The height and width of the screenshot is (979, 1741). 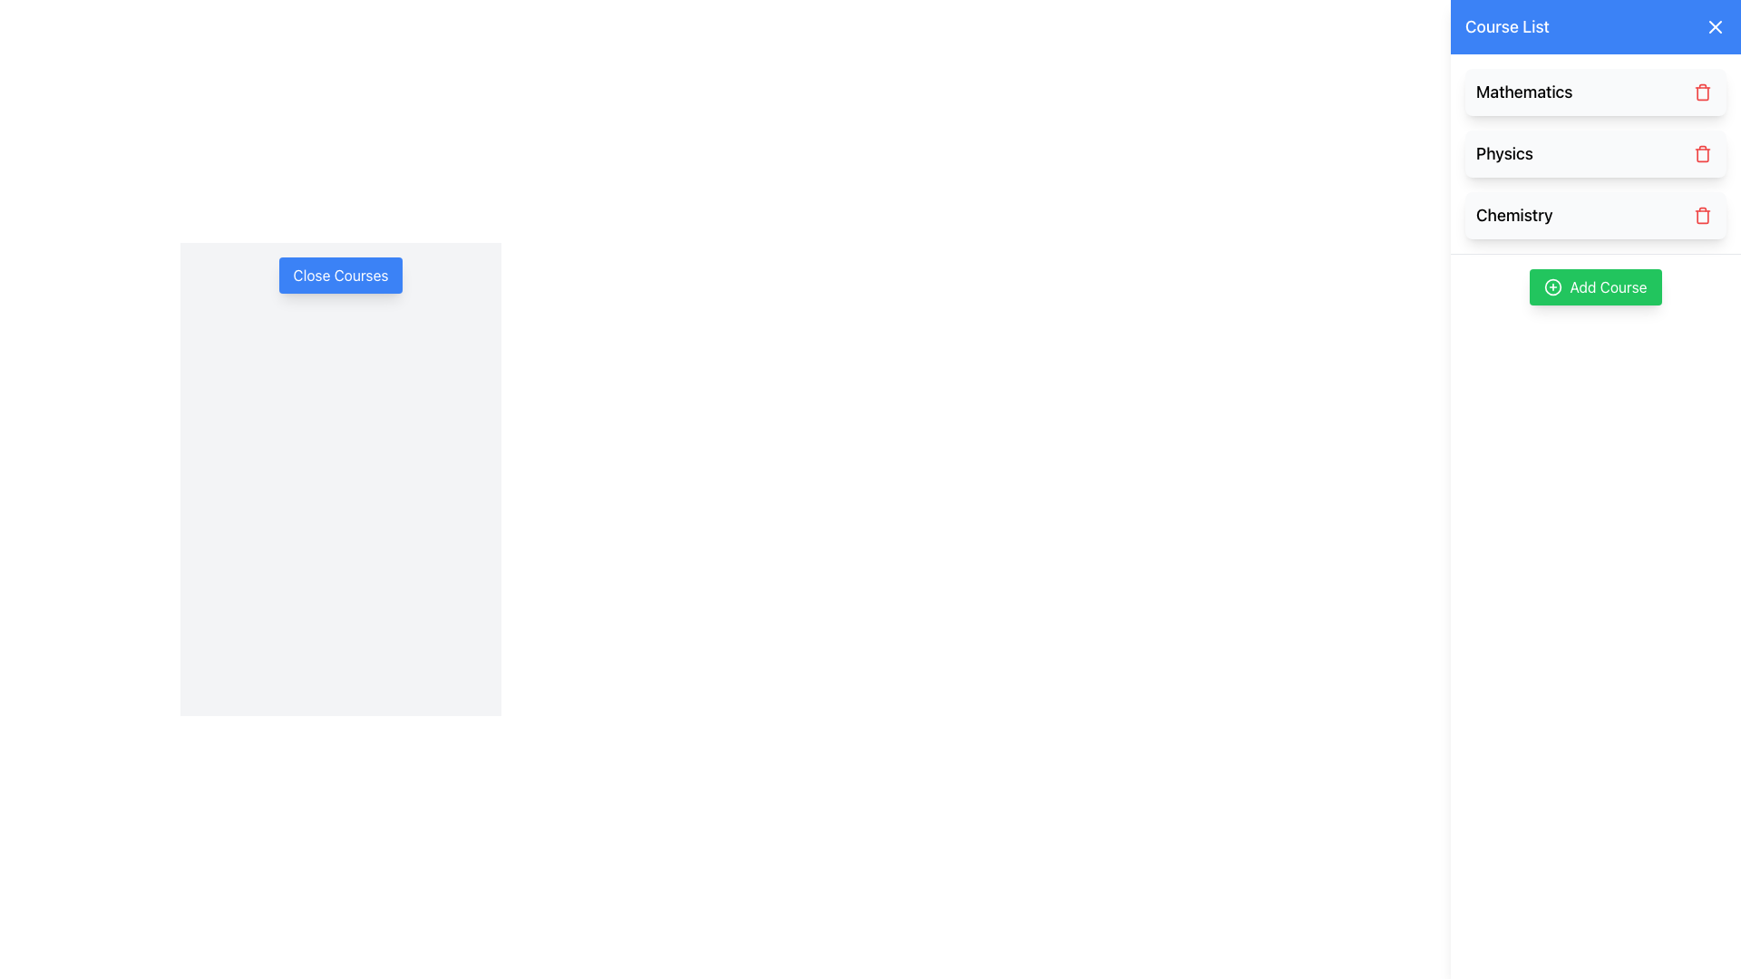 What do you see at coordinates (1552, 286) in the screenshot?
I see `the circular plus icon within the 'Add Course' button located in the bottom-right section of the panel` at bounding box center [1552, 286].